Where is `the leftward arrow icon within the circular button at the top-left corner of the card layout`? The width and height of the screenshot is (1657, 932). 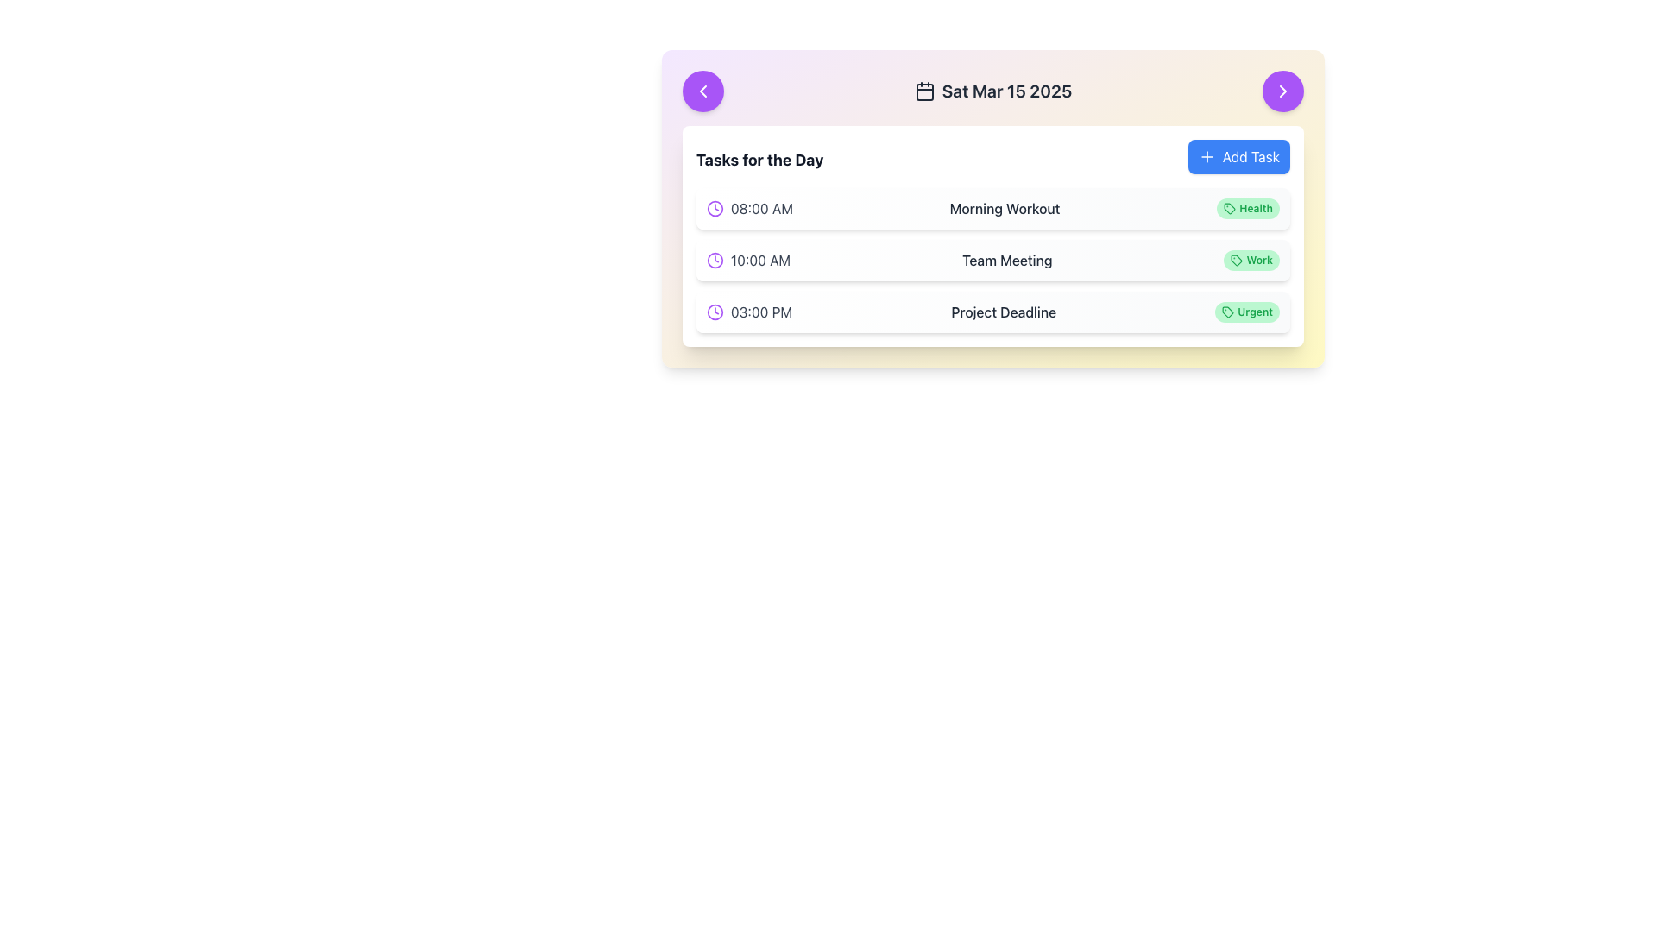
the leftward arrow icon within the circular button at the top-left corner of the card layout is located at coordinates (703, 91).